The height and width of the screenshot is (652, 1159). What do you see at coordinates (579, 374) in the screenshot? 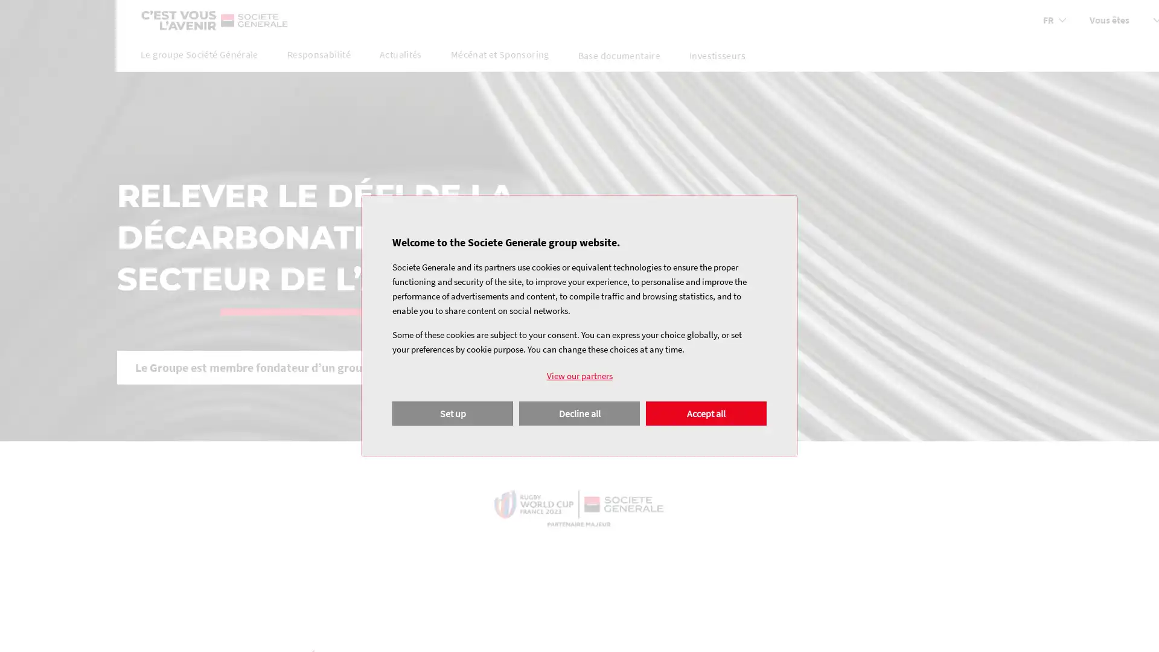
I see `View our partners` at bounding box center [579, 374].